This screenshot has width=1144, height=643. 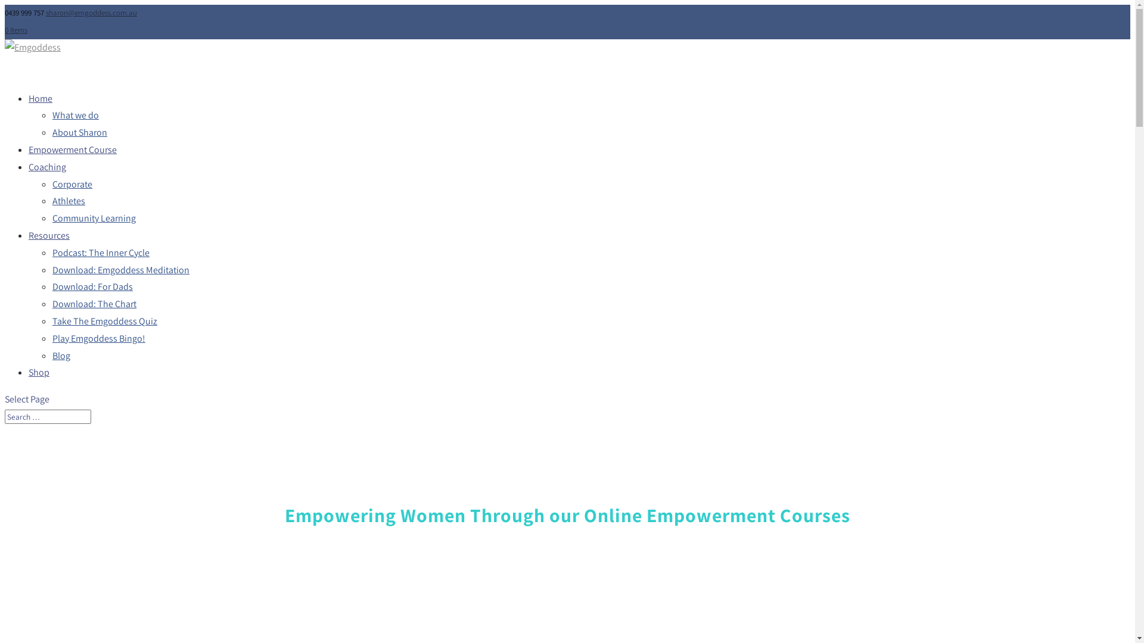 What do you see at coordinates (48, 416) in the screenshot?
I see `'Search for:'` at bounding box center [48, 416].